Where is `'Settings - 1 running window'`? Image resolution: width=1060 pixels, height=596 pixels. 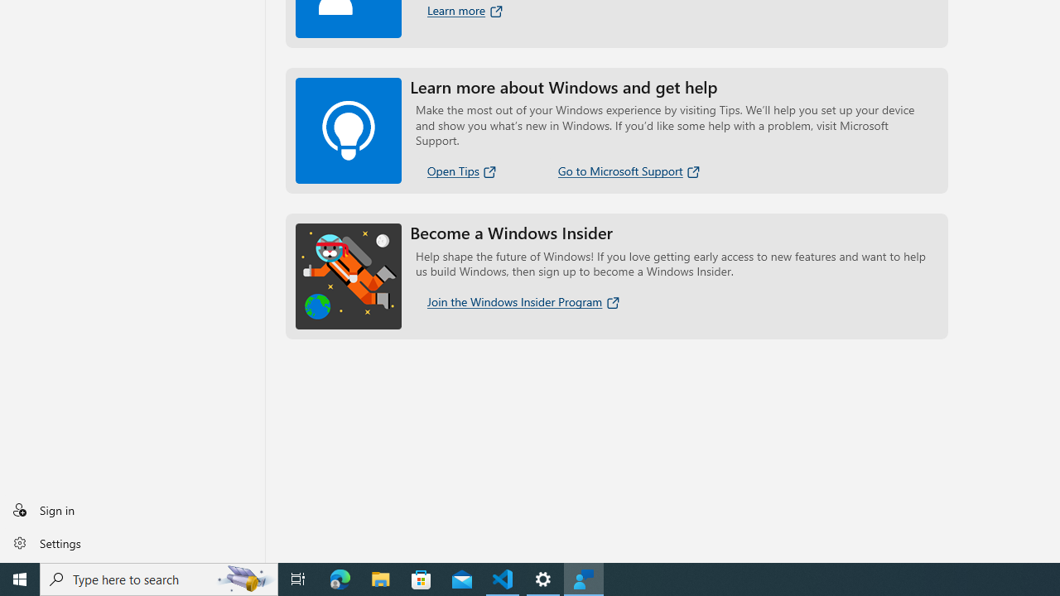
'Settings - 1 running window' is located at coordinates (543, 578).